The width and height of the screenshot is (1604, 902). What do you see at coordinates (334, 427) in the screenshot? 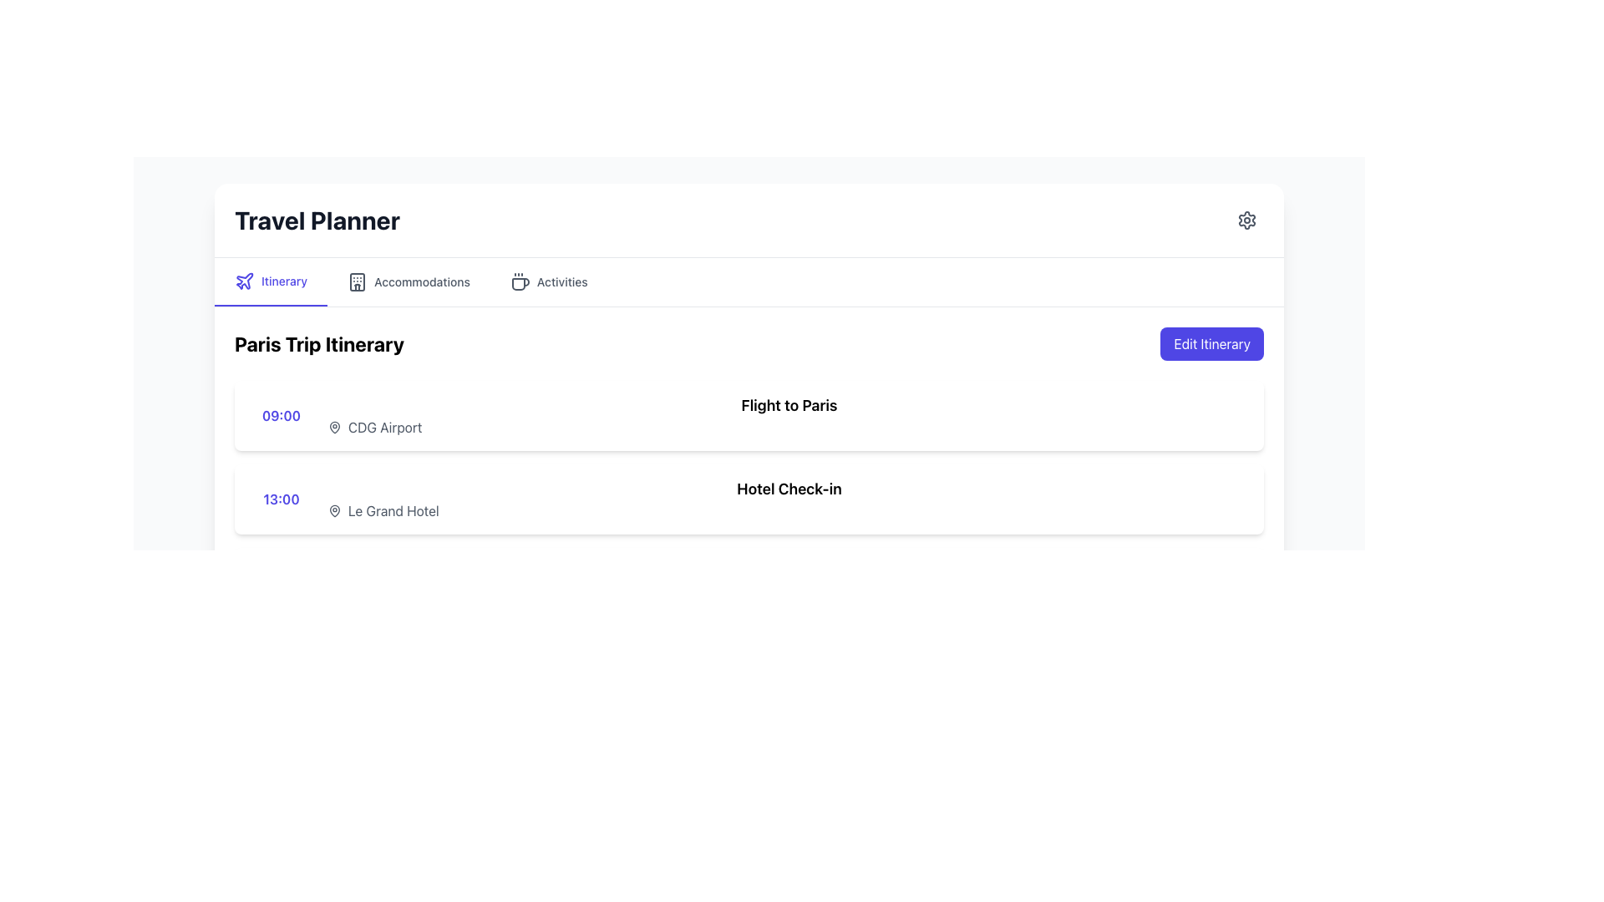
I see `the geographic location icon next to the 'CDG Airport' text in the 'Paris Trip Itinerary' section, specifically for the '09:00 CDG Airport' entry` at bounding box center [334, 427].